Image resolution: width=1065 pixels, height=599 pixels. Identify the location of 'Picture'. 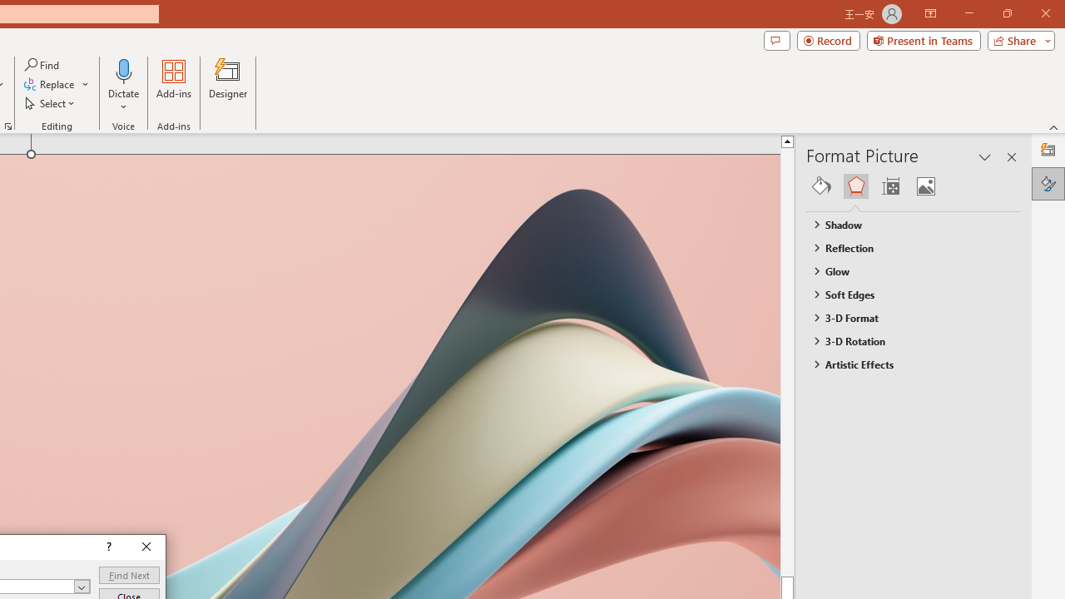
(924, 186).